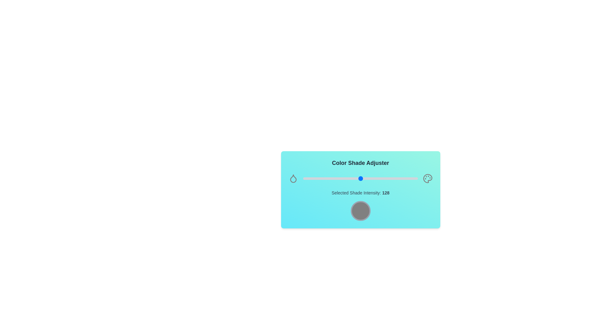  Describe the element at coordinates (370, 179) in the screenshot. I see `the shade intensity to 149 using the slider` at that location.